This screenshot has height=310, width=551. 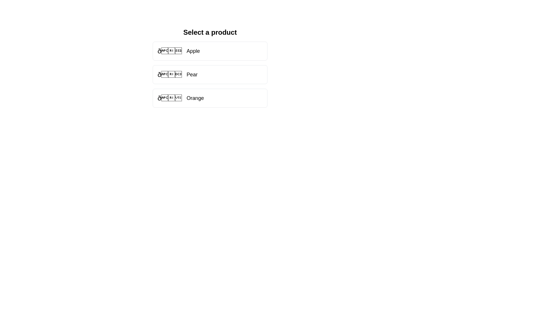 What do you see at coordinates (180, 98) in the screenshot?
I see `the third row in the list, which has a white background and the text label 'Orange'` at bounding box center [180, 98].